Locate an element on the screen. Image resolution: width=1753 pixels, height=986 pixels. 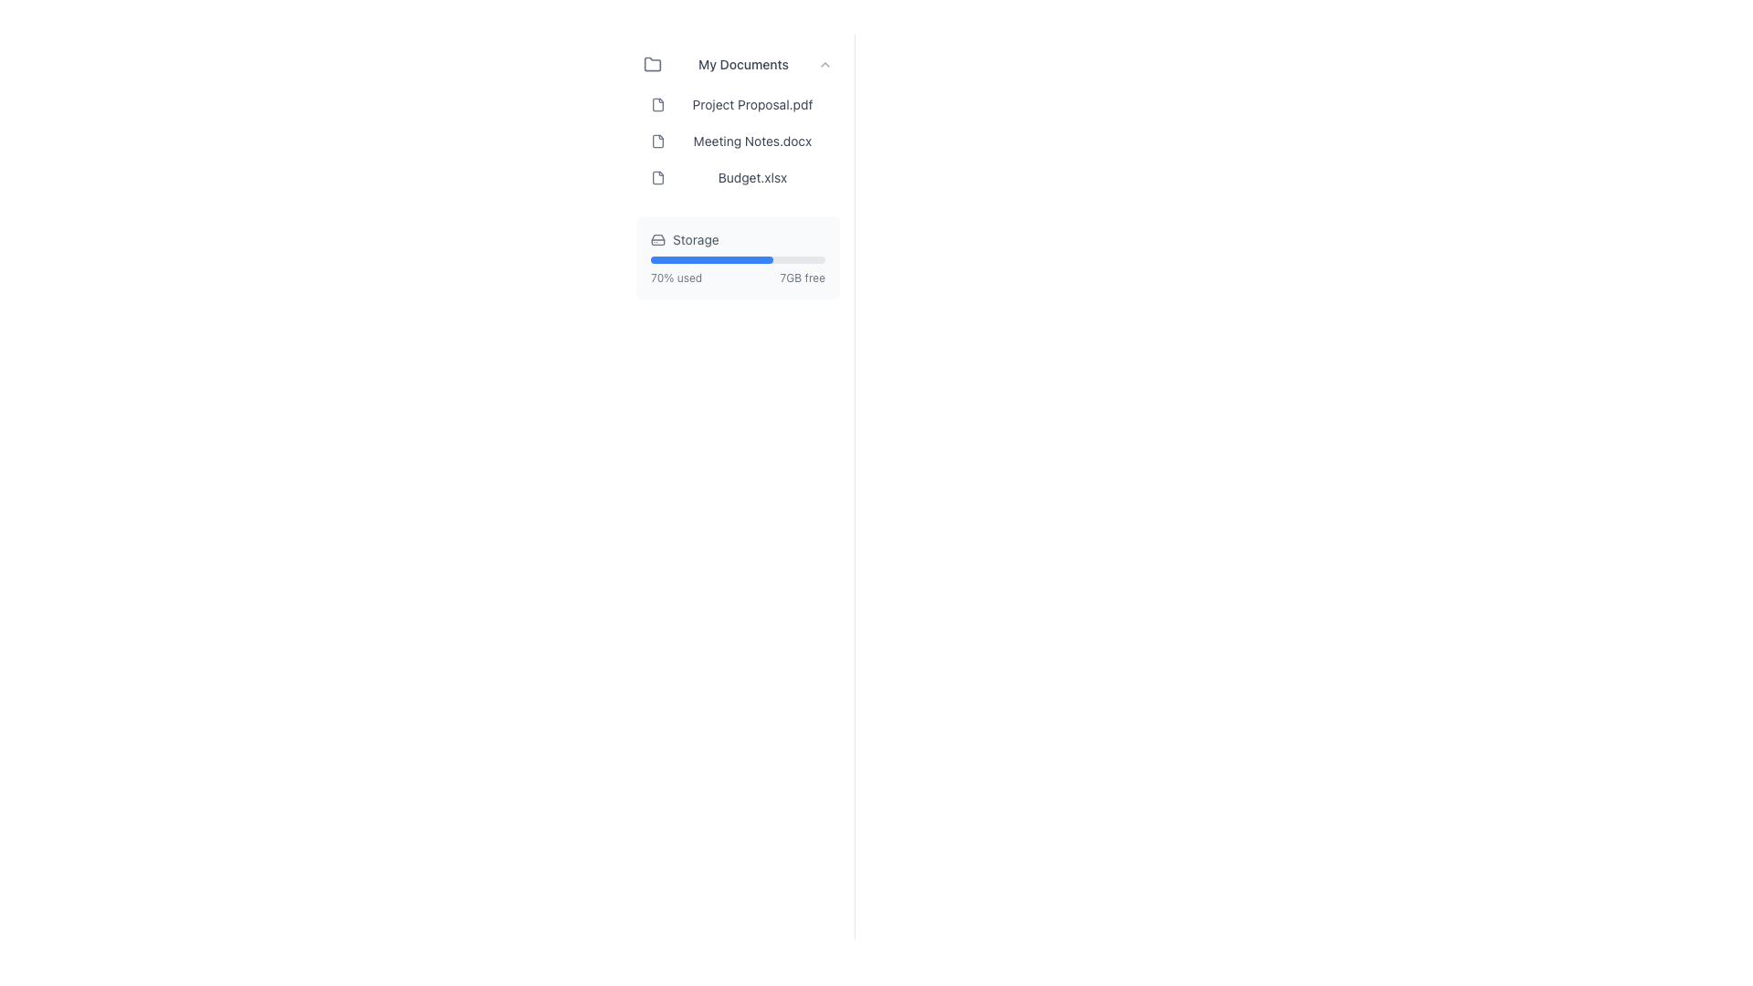
the 'Project Proposal.pdf' file entry in the file list is located at coordinates (738, 121).